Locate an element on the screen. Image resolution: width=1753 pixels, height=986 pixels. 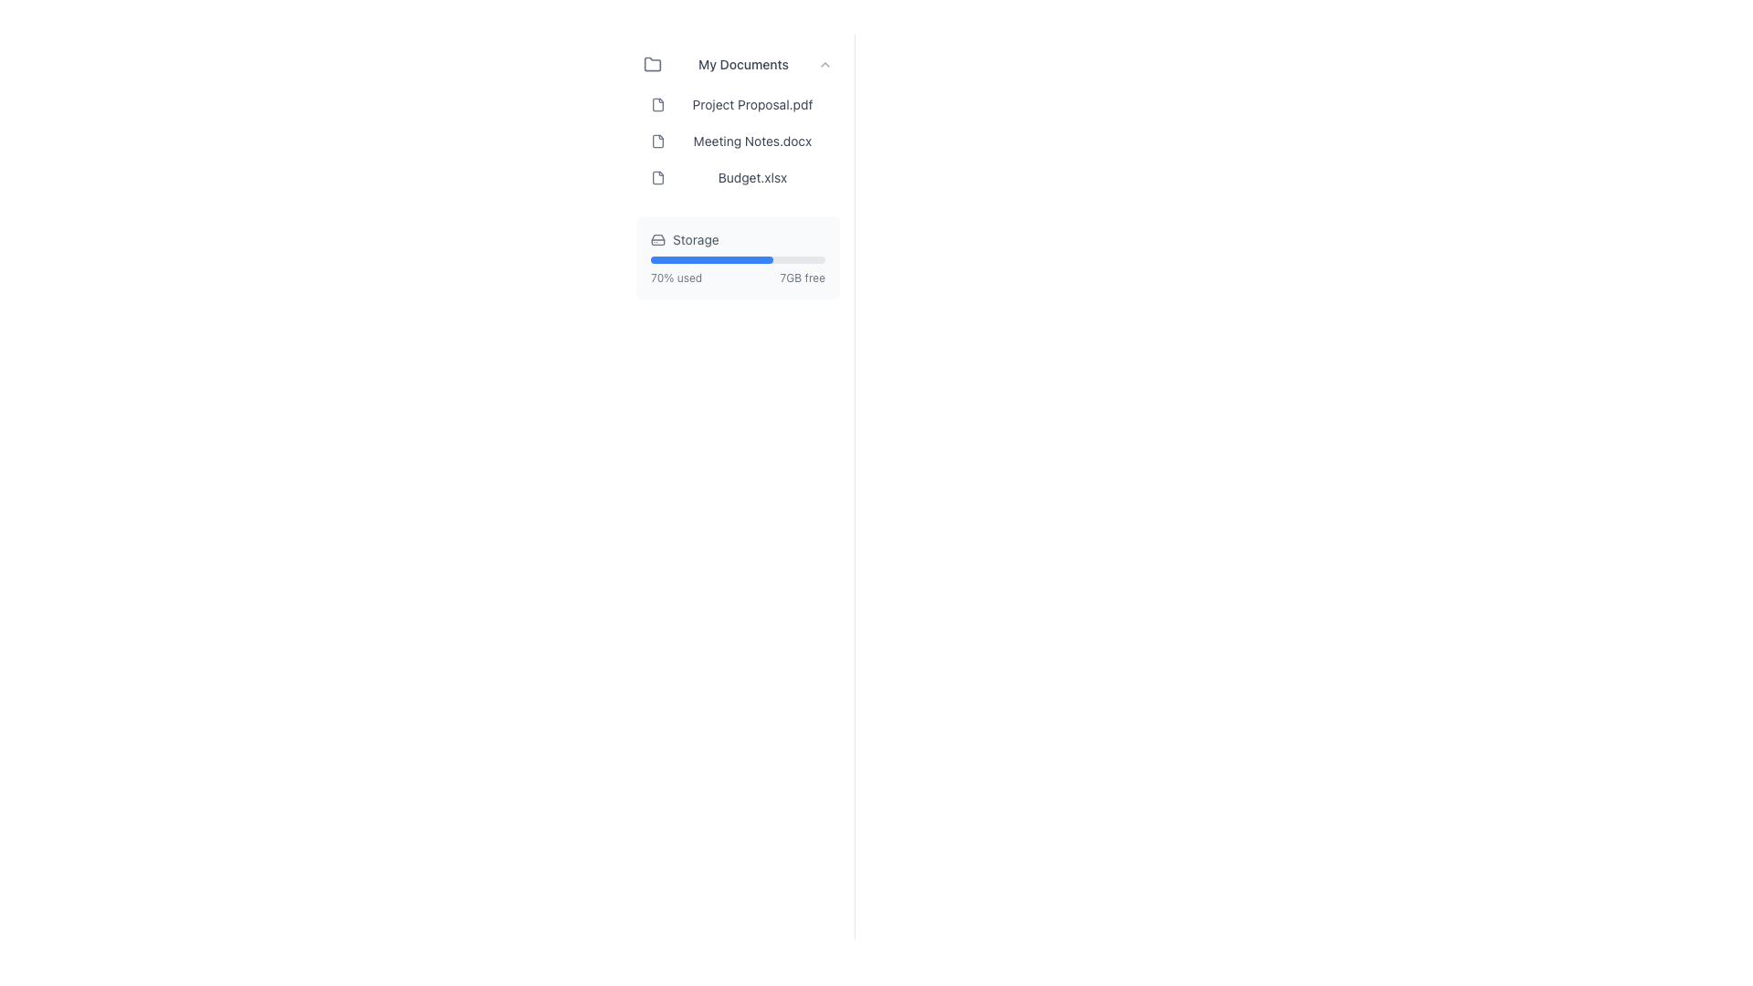
the 'Project Proposal.pdf' file entry in the file list is located at coordinates (738, 121).